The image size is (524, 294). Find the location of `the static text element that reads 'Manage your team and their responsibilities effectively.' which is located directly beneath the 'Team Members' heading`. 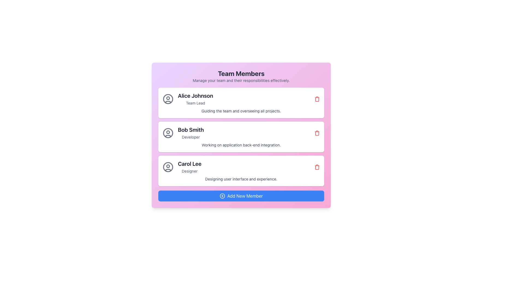

the static text element that reads 'Manage your team and their responsibilities effectively.' which is located directly beneath the 'Team Members' heading is located at coordinates (241, 81).